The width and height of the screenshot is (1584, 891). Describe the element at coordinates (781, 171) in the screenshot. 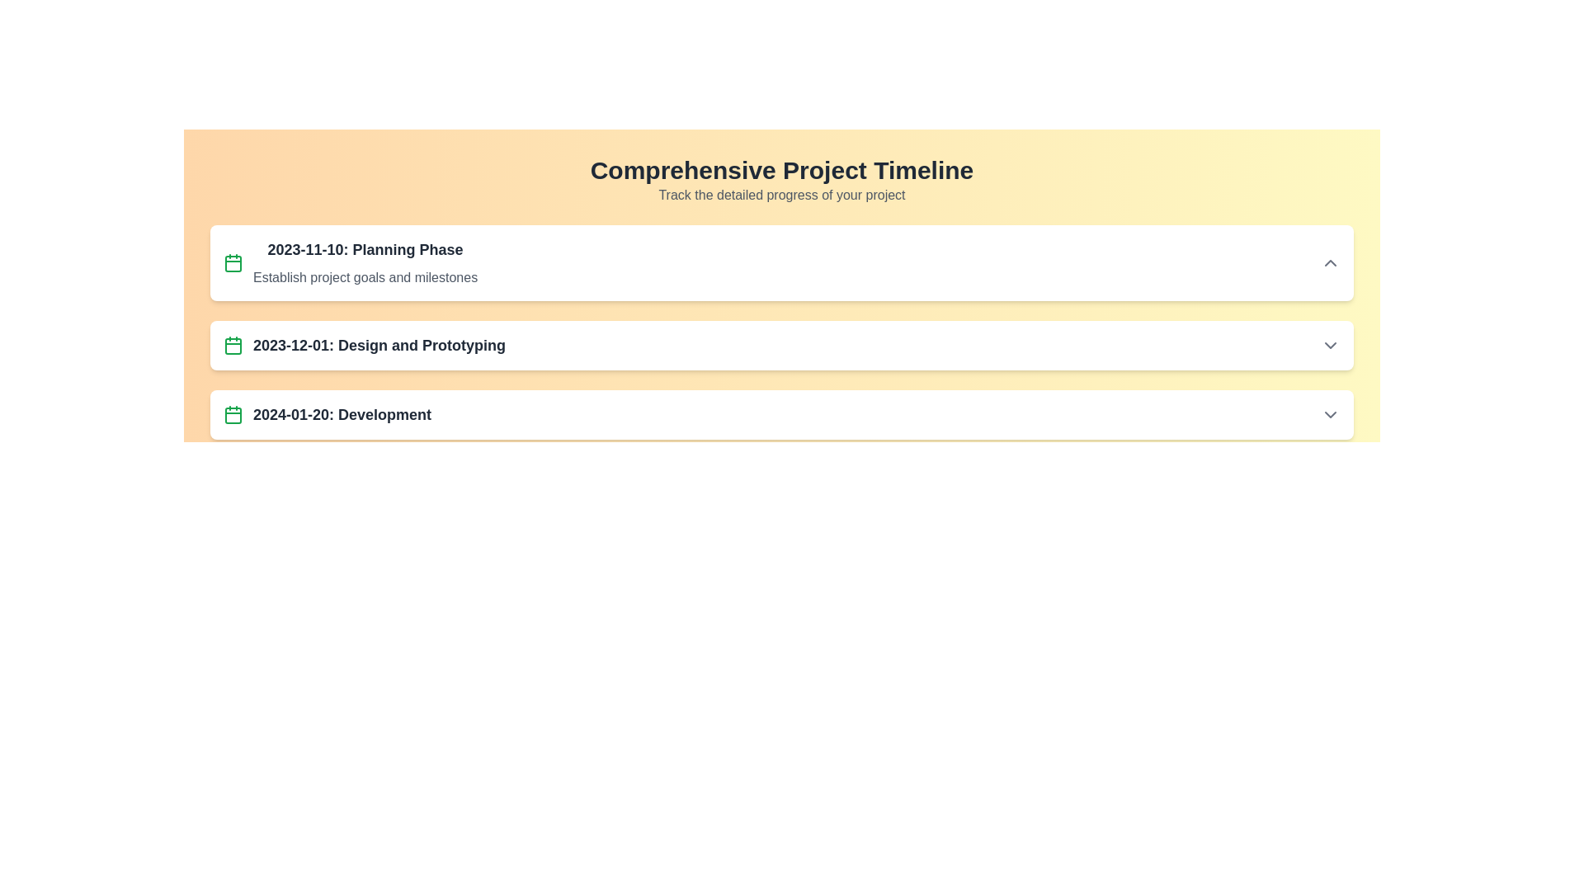

I see `the heading text display that indicates the project timeline, located at the top section of the interface` at that location.